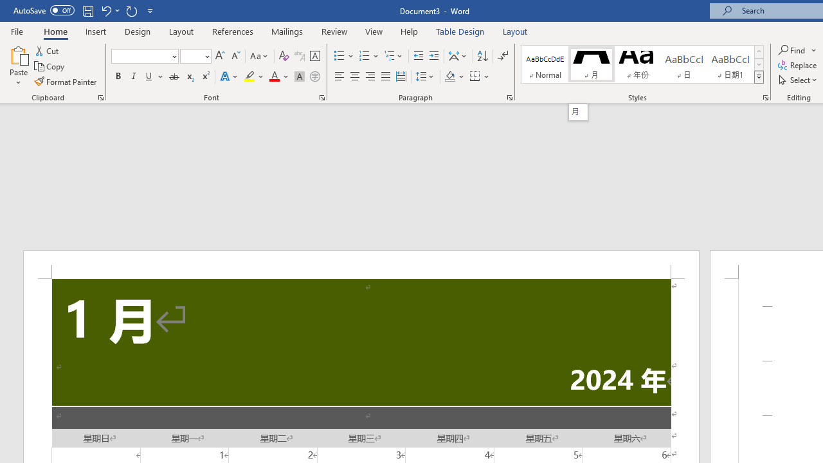 The width and height of the screenshot is (823, 463). I want to click on 'Copy', so click(50, 66).